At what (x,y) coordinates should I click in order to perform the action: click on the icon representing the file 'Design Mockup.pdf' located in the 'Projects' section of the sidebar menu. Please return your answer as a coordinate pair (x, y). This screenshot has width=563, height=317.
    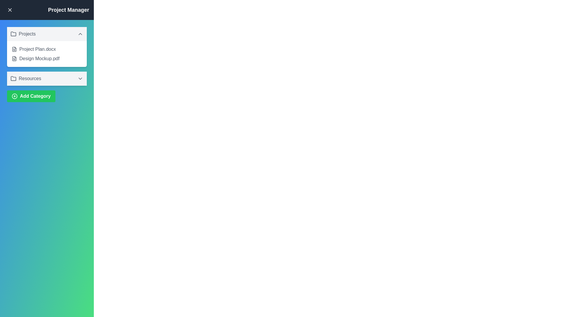
    Looking at the image, I should click on (14, 59).